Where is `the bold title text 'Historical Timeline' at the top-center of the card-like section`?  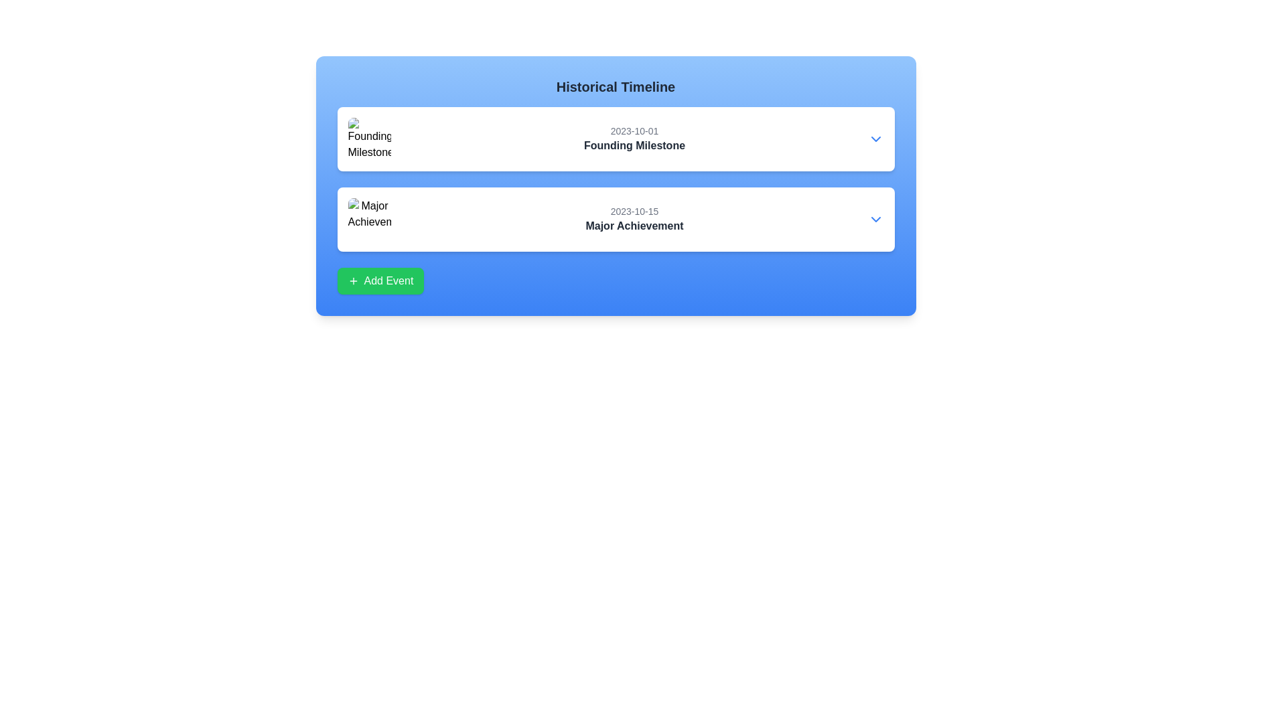
the bold title text 'Historical Timeline' at the top-center of the card-like section is located at coordinates (615, 87).